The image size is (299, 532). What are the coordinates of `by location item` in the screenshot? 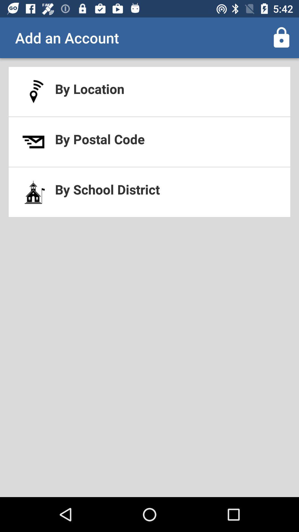 It's located at (149, 91).